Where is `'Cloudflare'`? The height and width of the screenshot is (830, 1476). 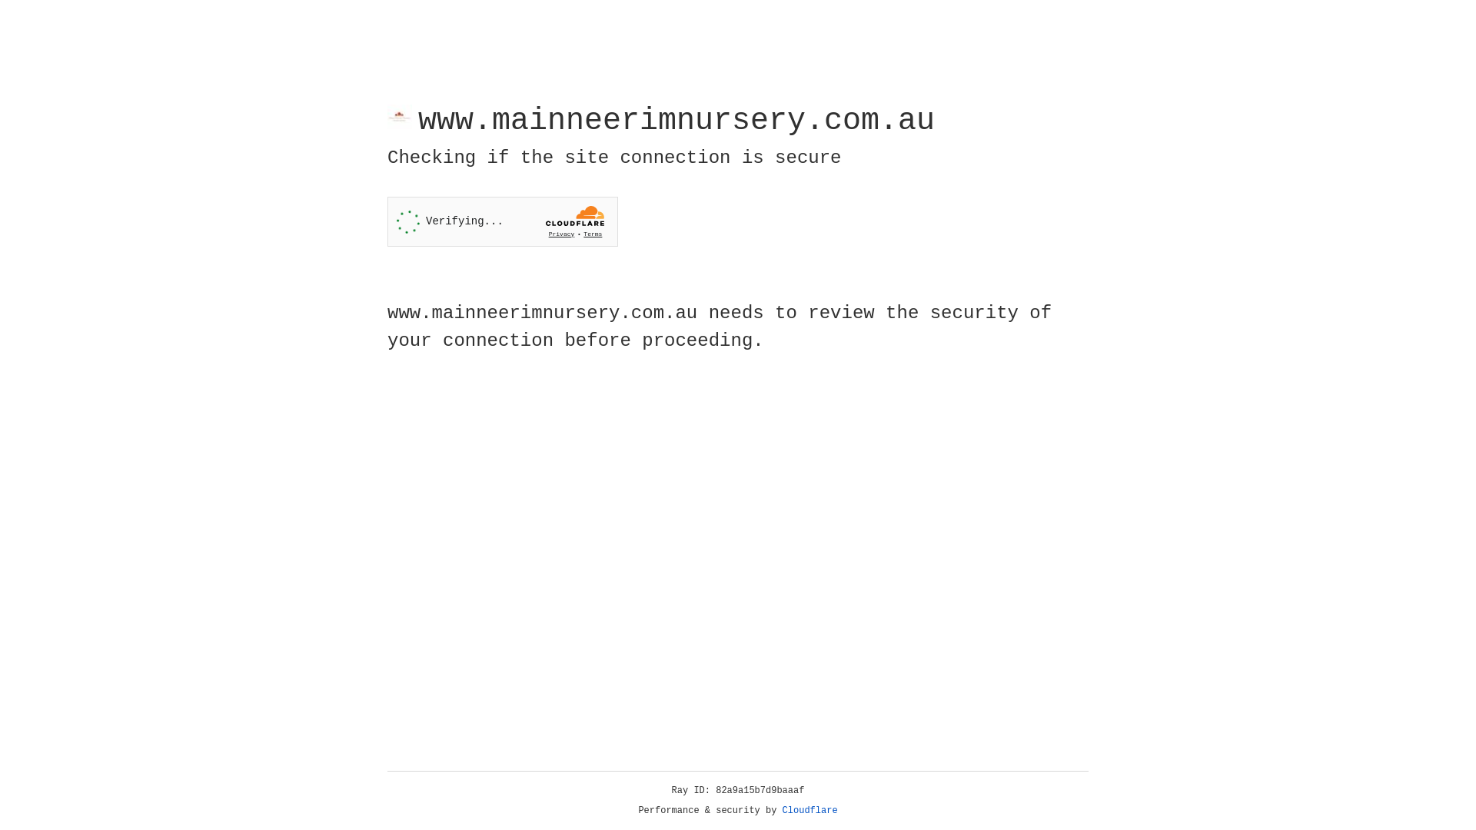
'Cloudflare' is located at coordinates (809, 810).